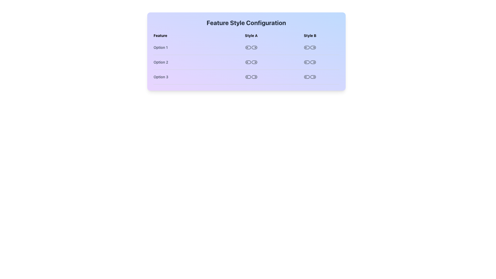 The image size is (496, 279). What do you see at coordinates (246, 35) in the screenshot?
I see `the header element labeled 'Style A' which categorizes the rows in the table beneath it` at bounding box center [246, 35].